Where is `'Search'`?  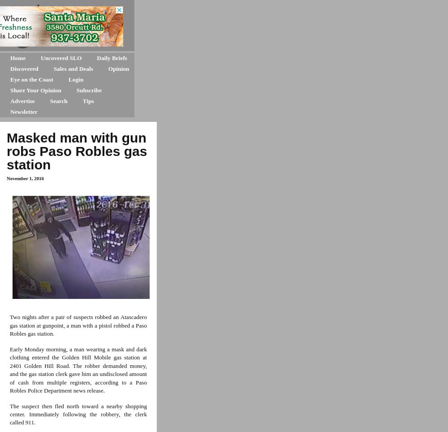 'Search' is located at coordinates (49, 101).